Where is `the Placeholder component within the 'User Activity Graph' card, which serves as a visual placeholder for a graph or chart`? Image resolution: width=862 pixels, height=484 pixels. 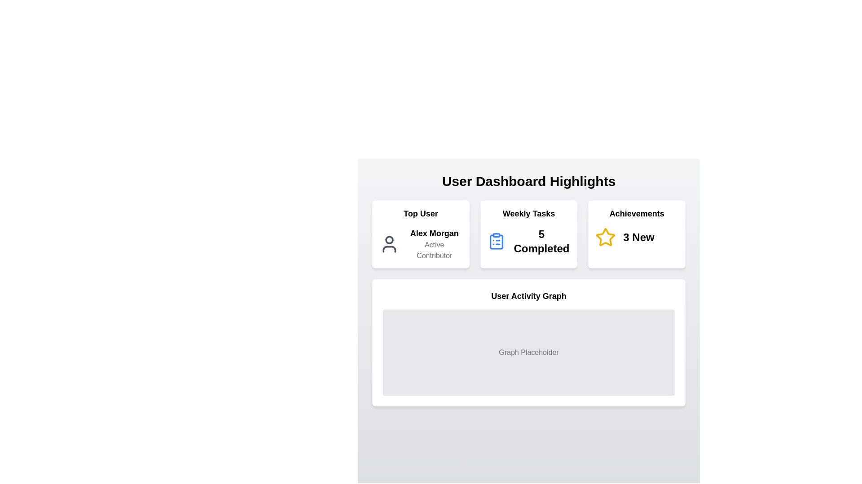 the Placeholder component within the 'User Activity Graph' card, which serves as a visual placeholder for a graph or chart is located at coordinates (528, 352).